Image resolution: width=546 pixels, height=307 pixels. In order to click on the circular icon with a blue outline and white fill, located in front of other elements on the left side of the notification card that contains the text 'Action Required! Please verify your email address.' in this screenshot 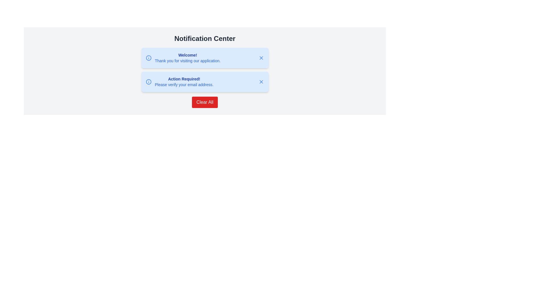, I will do `click(148, 82)`.